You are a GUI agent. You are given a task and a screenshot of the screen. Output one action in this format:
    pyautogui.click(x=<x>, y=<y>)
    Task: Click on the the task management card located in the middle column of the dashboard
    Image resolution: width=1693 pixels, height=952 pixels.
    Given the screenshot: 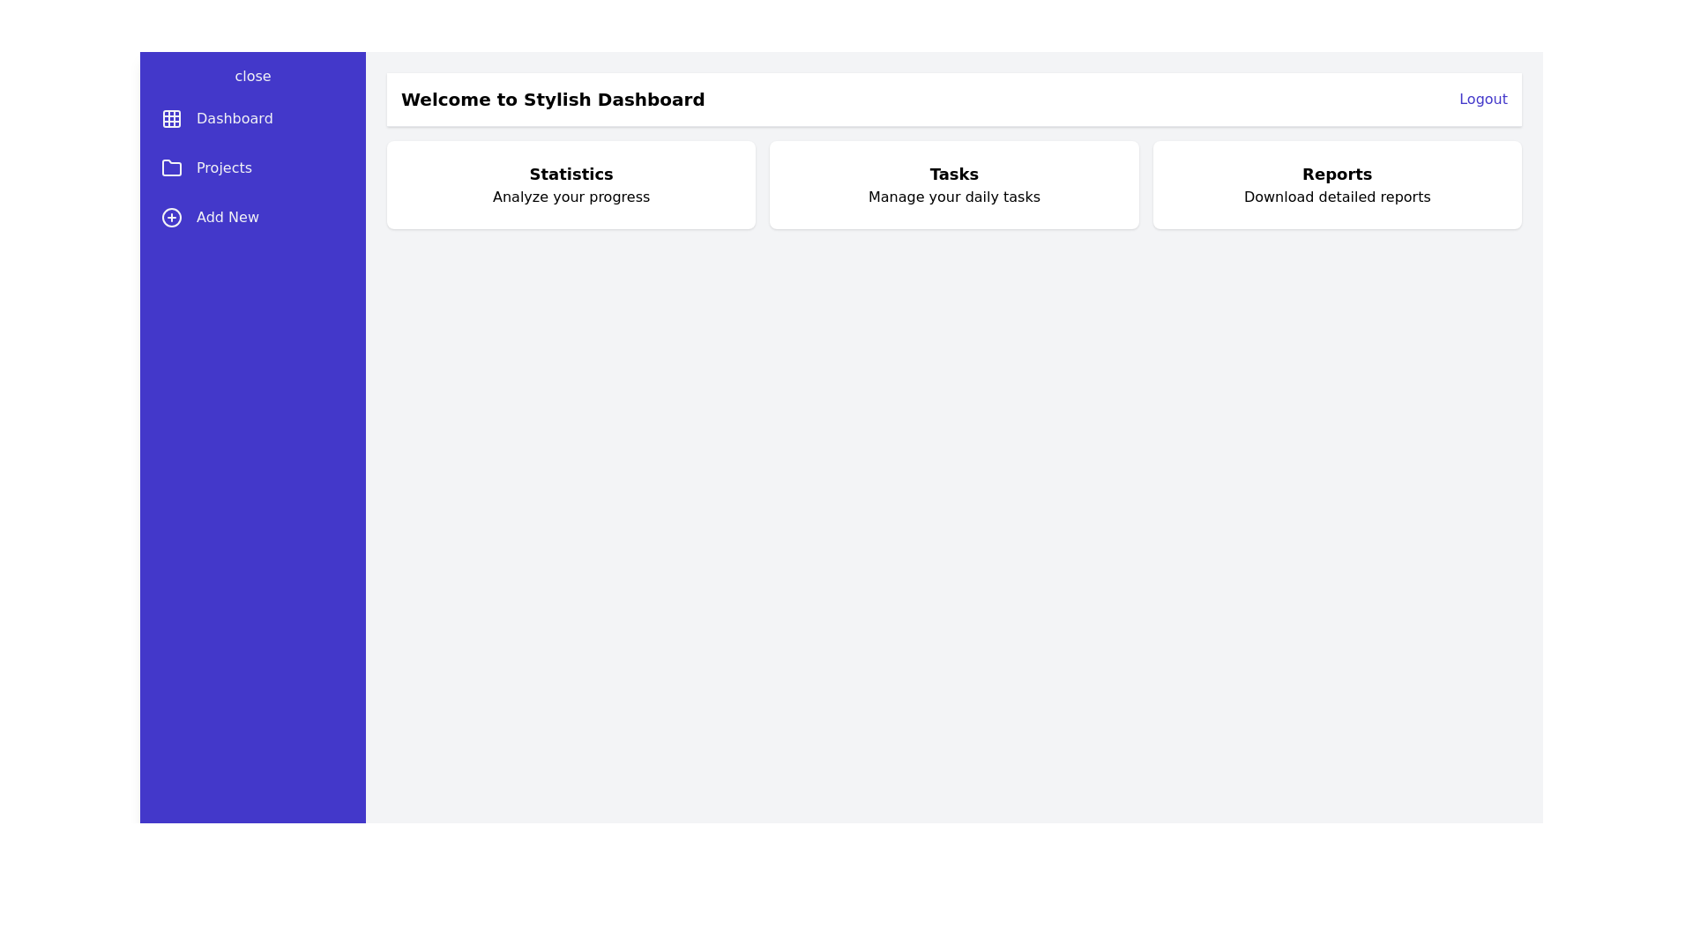 What is the action you would take?
    pyautogui.click(x=952, y=184)
    